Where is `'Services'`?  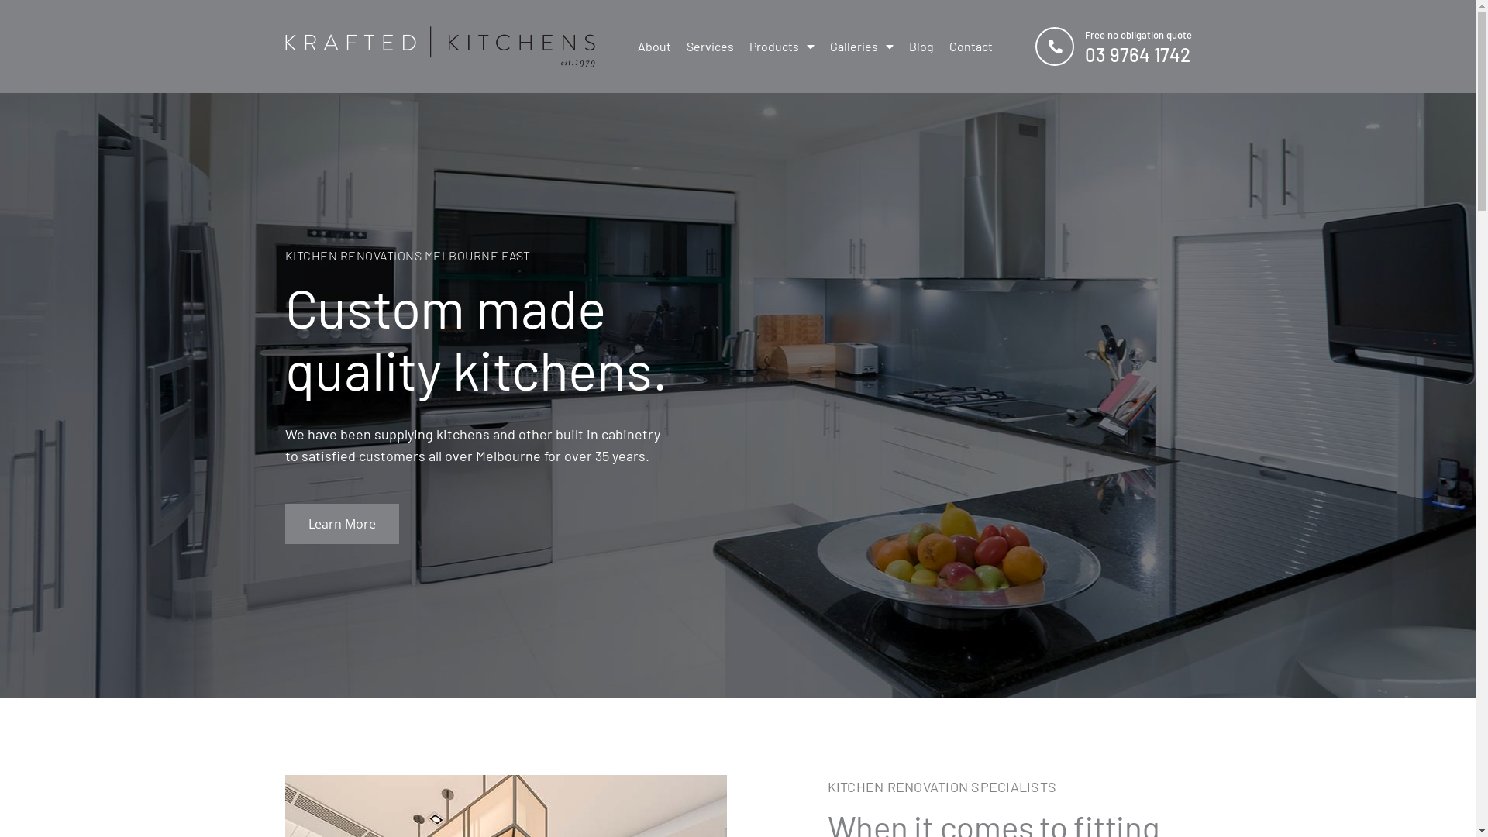 'Services' is located at coordinates (709, 46).